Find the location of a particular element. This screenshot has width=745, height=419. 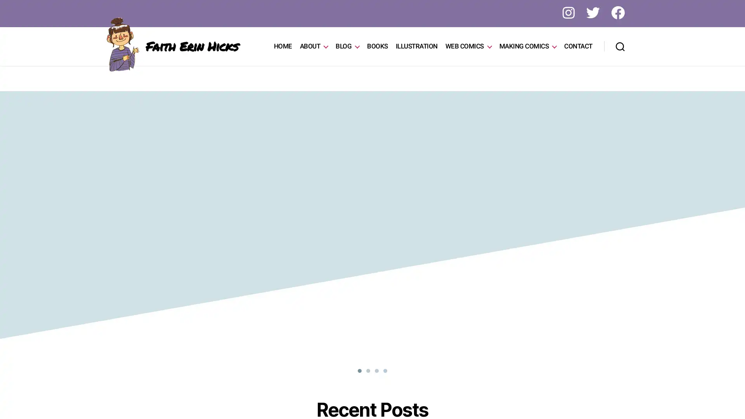

Slide 3 is located at coordinates (385, 370).